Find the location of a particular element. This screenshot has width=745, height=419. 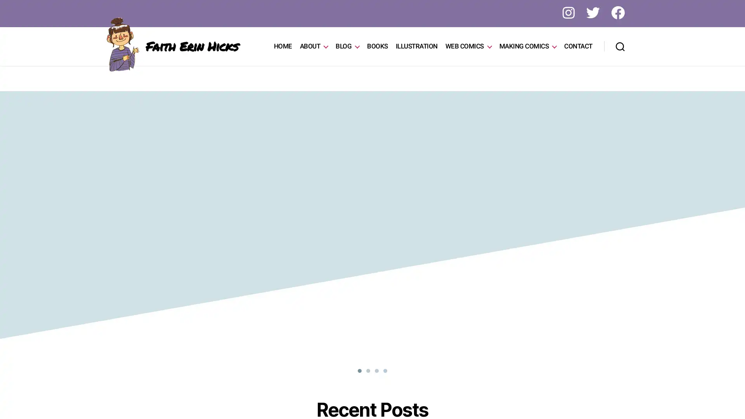

Slide 3 is located at coordinates (385, 370).